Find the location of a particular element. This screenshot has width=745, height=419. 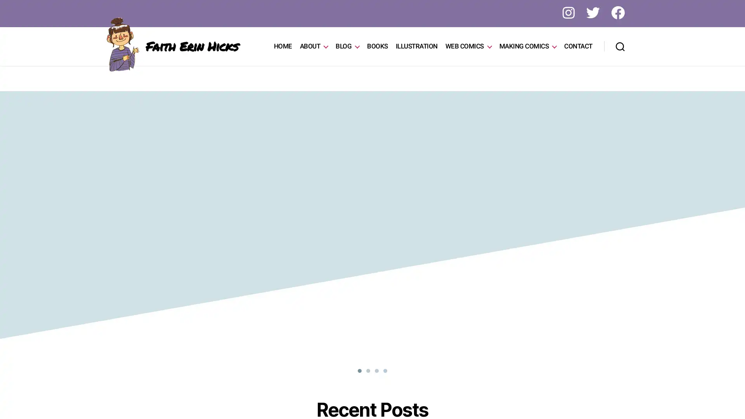

Slide 3 is located at coordinates (385, 370).